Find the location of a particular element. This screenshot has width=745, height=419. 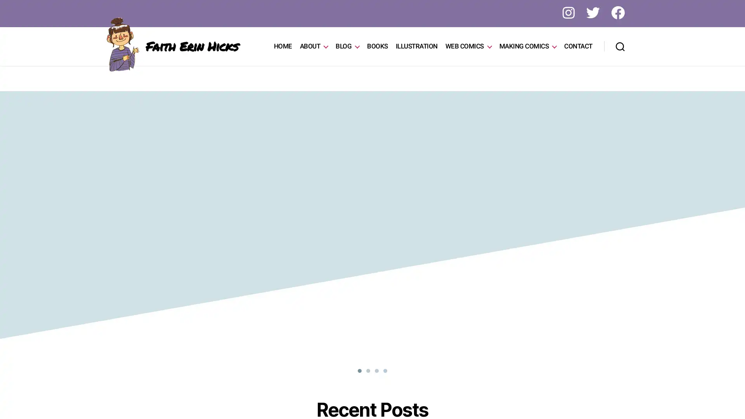

Slide 3 is located at coordinates (385, 370).